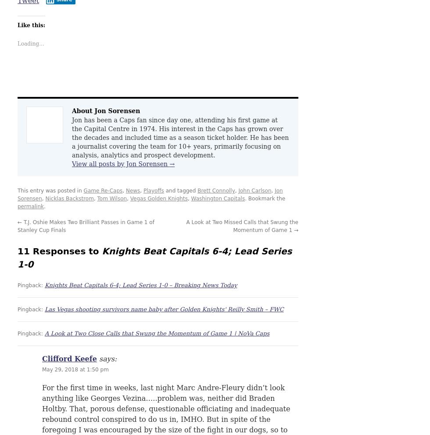 The width and height of the screenshot is (430, 435). What do you see at coordinates (133, 190) in the screenshot?
I see `'News'` at bounding box center [133, 190].